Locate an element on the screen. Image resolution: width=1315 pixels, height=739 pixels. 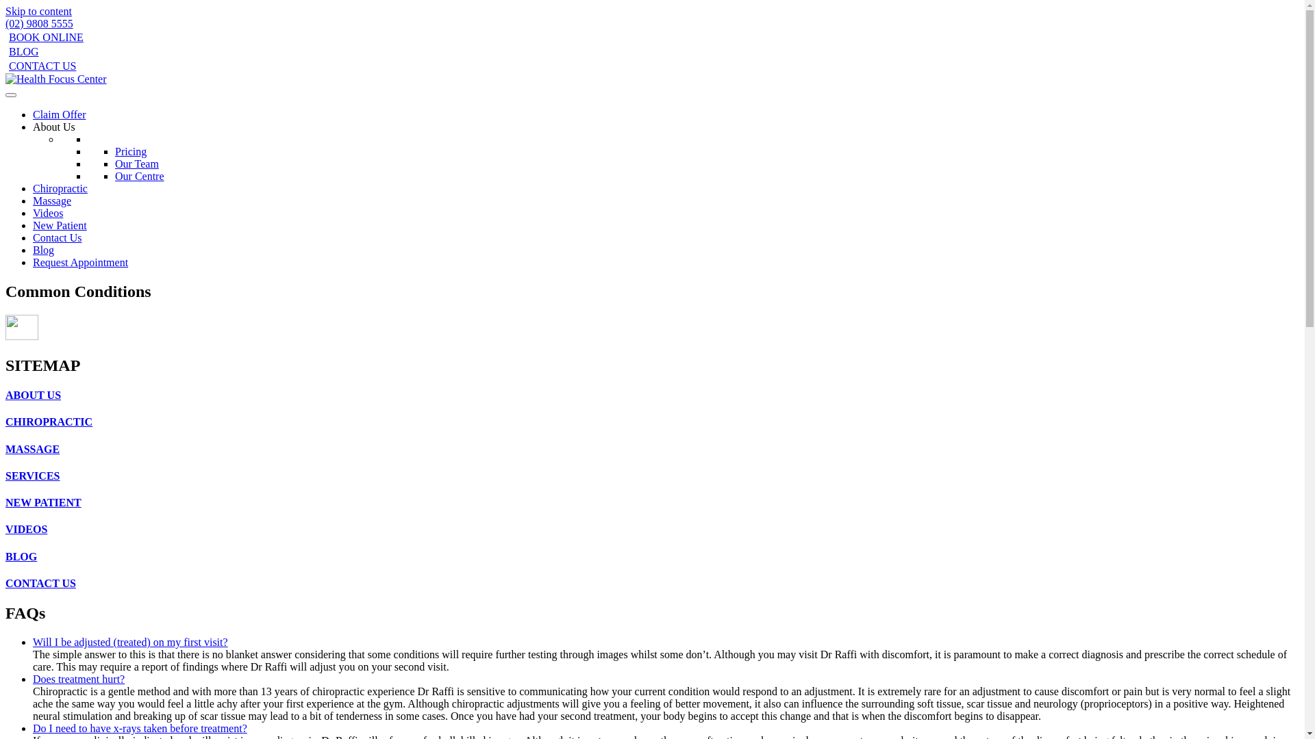
'About Us' is located at coordinates (53, 127).